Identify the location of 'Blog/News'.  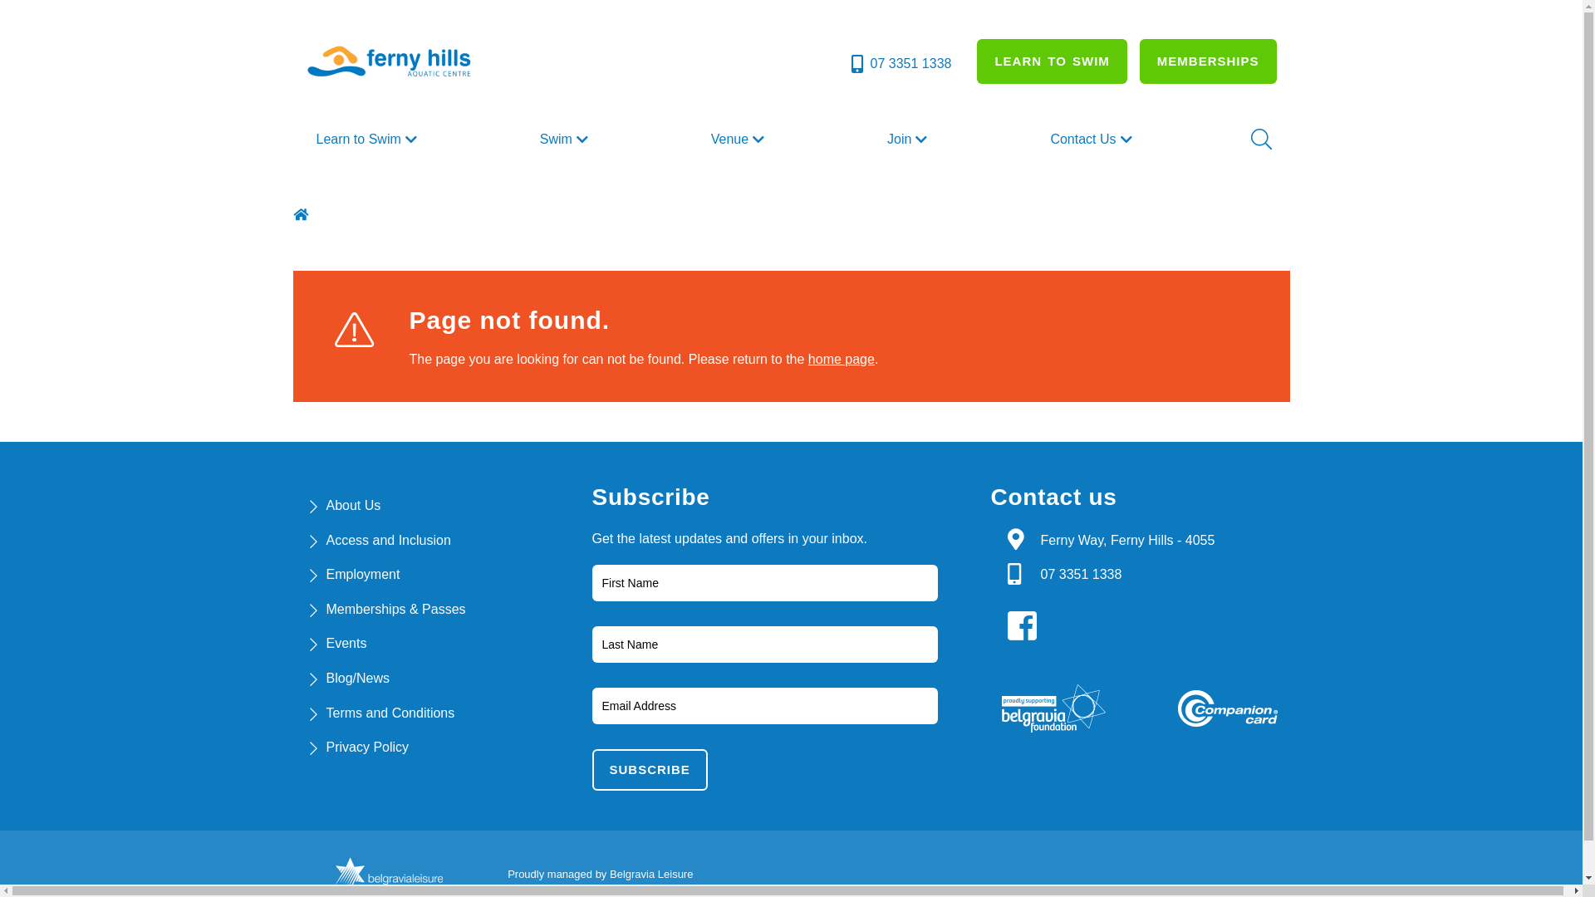
(356, 678).